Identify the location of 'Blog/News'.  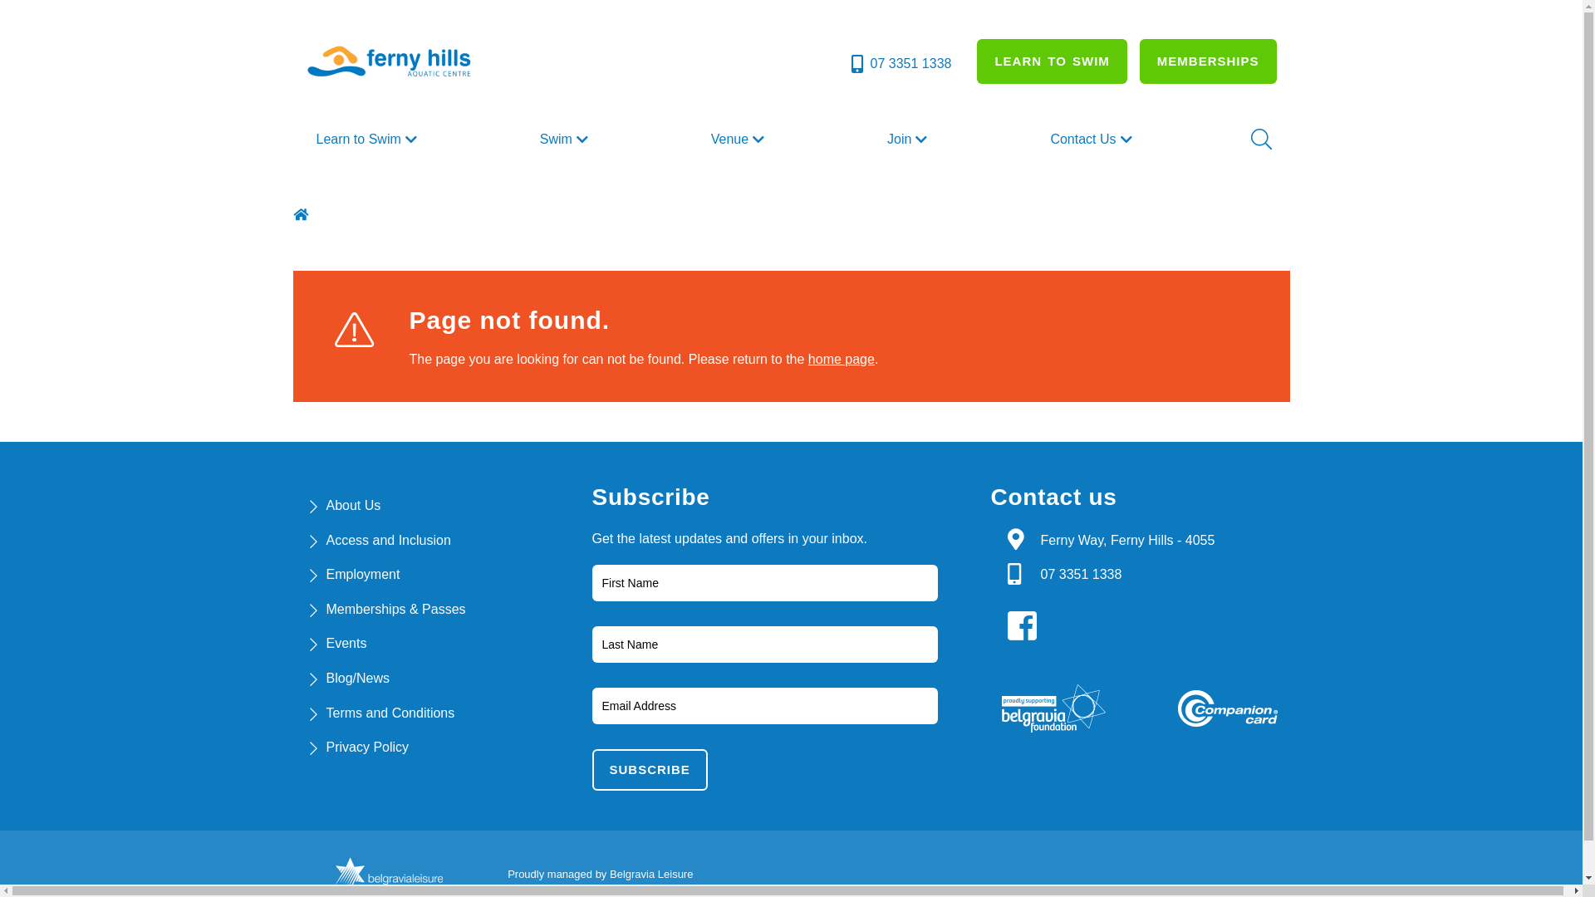
(356, 678).